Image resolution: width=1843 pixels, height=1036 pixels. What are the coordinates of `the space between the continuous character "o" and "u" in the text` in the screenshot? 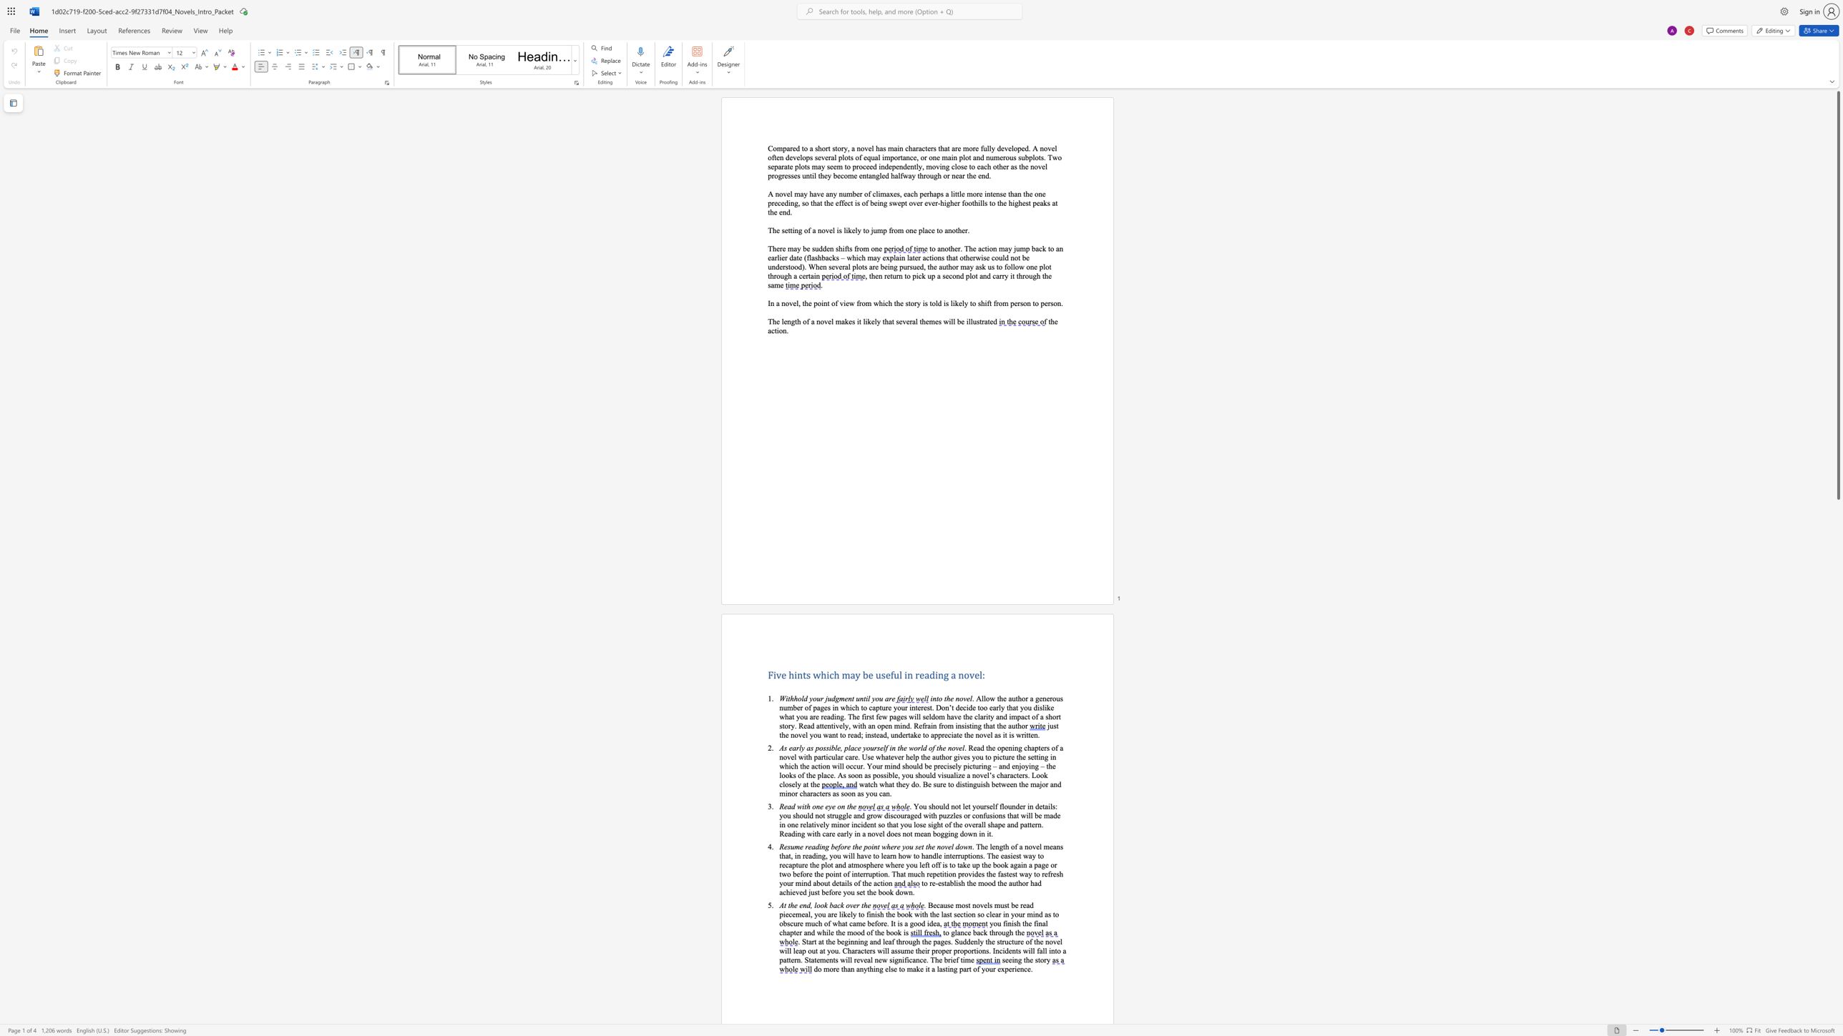 It's located at (850, 892).